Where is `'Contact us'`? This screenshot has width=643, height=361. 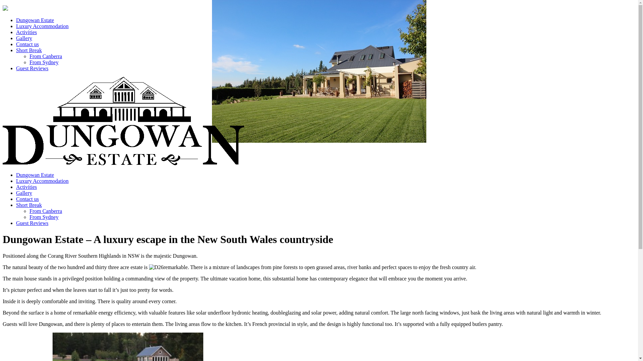 'Contact us' is located at coordinates (27, 199).